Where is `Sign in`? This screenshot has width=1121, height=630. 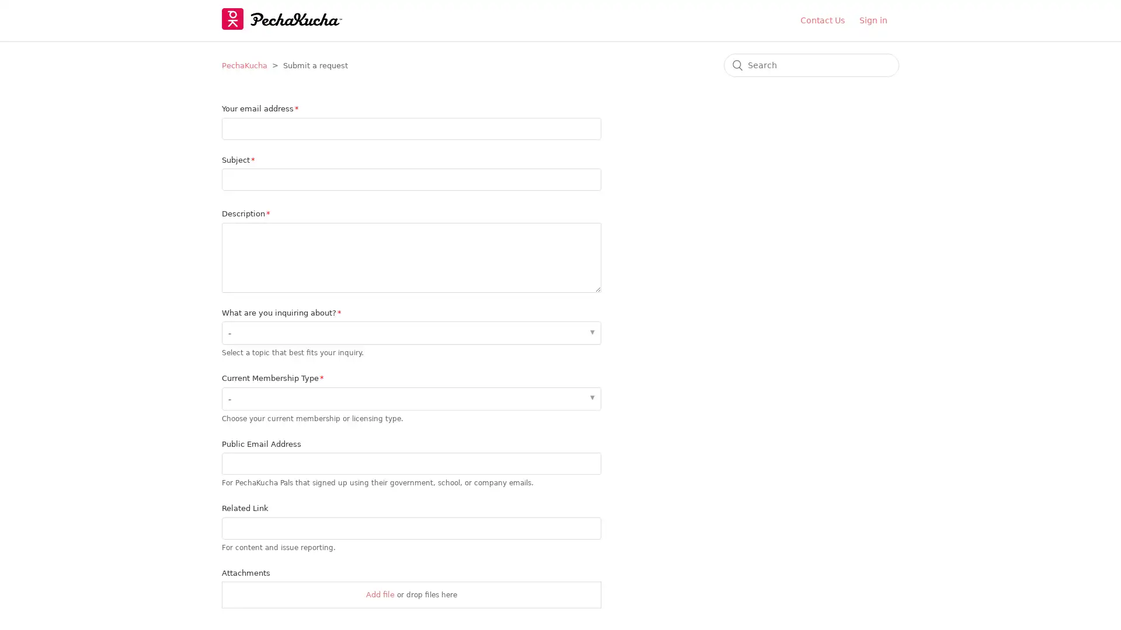 Sign in is located at coordinates (879, 20).